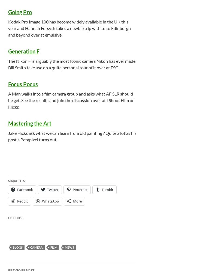  I want to click on 'Camera', so click(37, 247).